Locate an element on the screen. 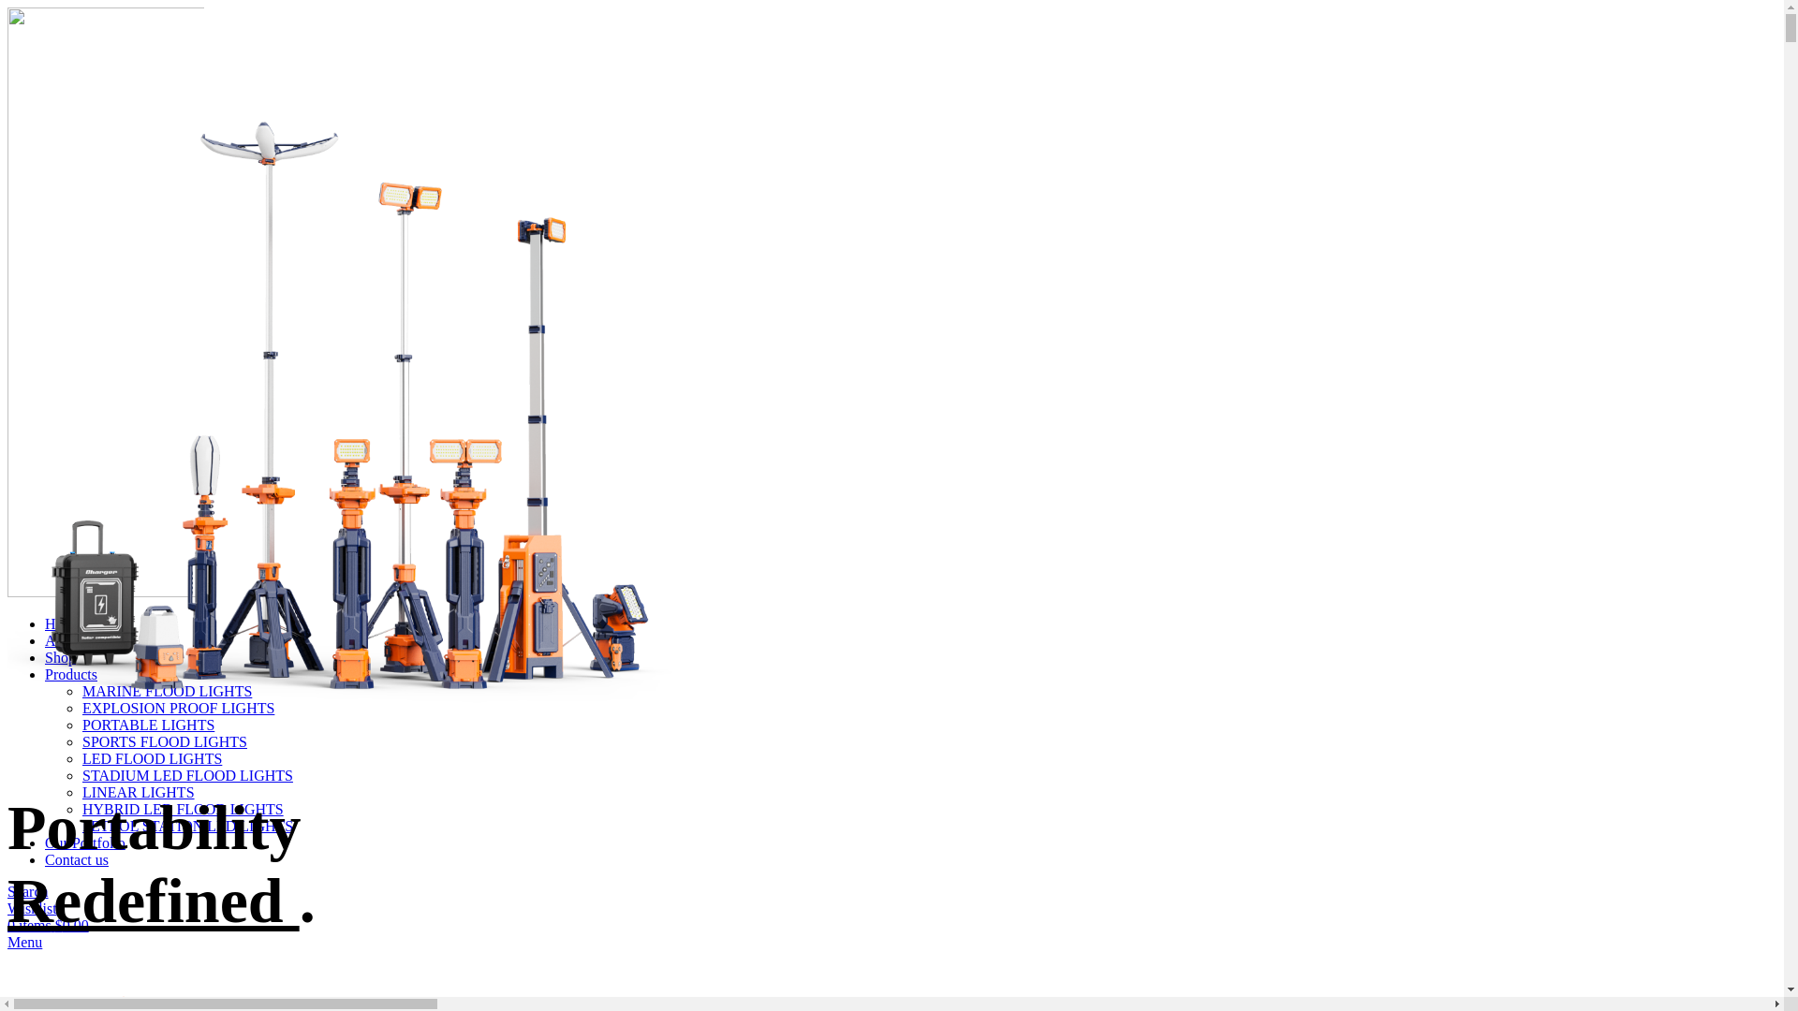 Image resolution: width=1798 pixels, height=1011 pixels. 'STADIUM LED FLOOD LIGHTS' is located at coordinates (187, 775).